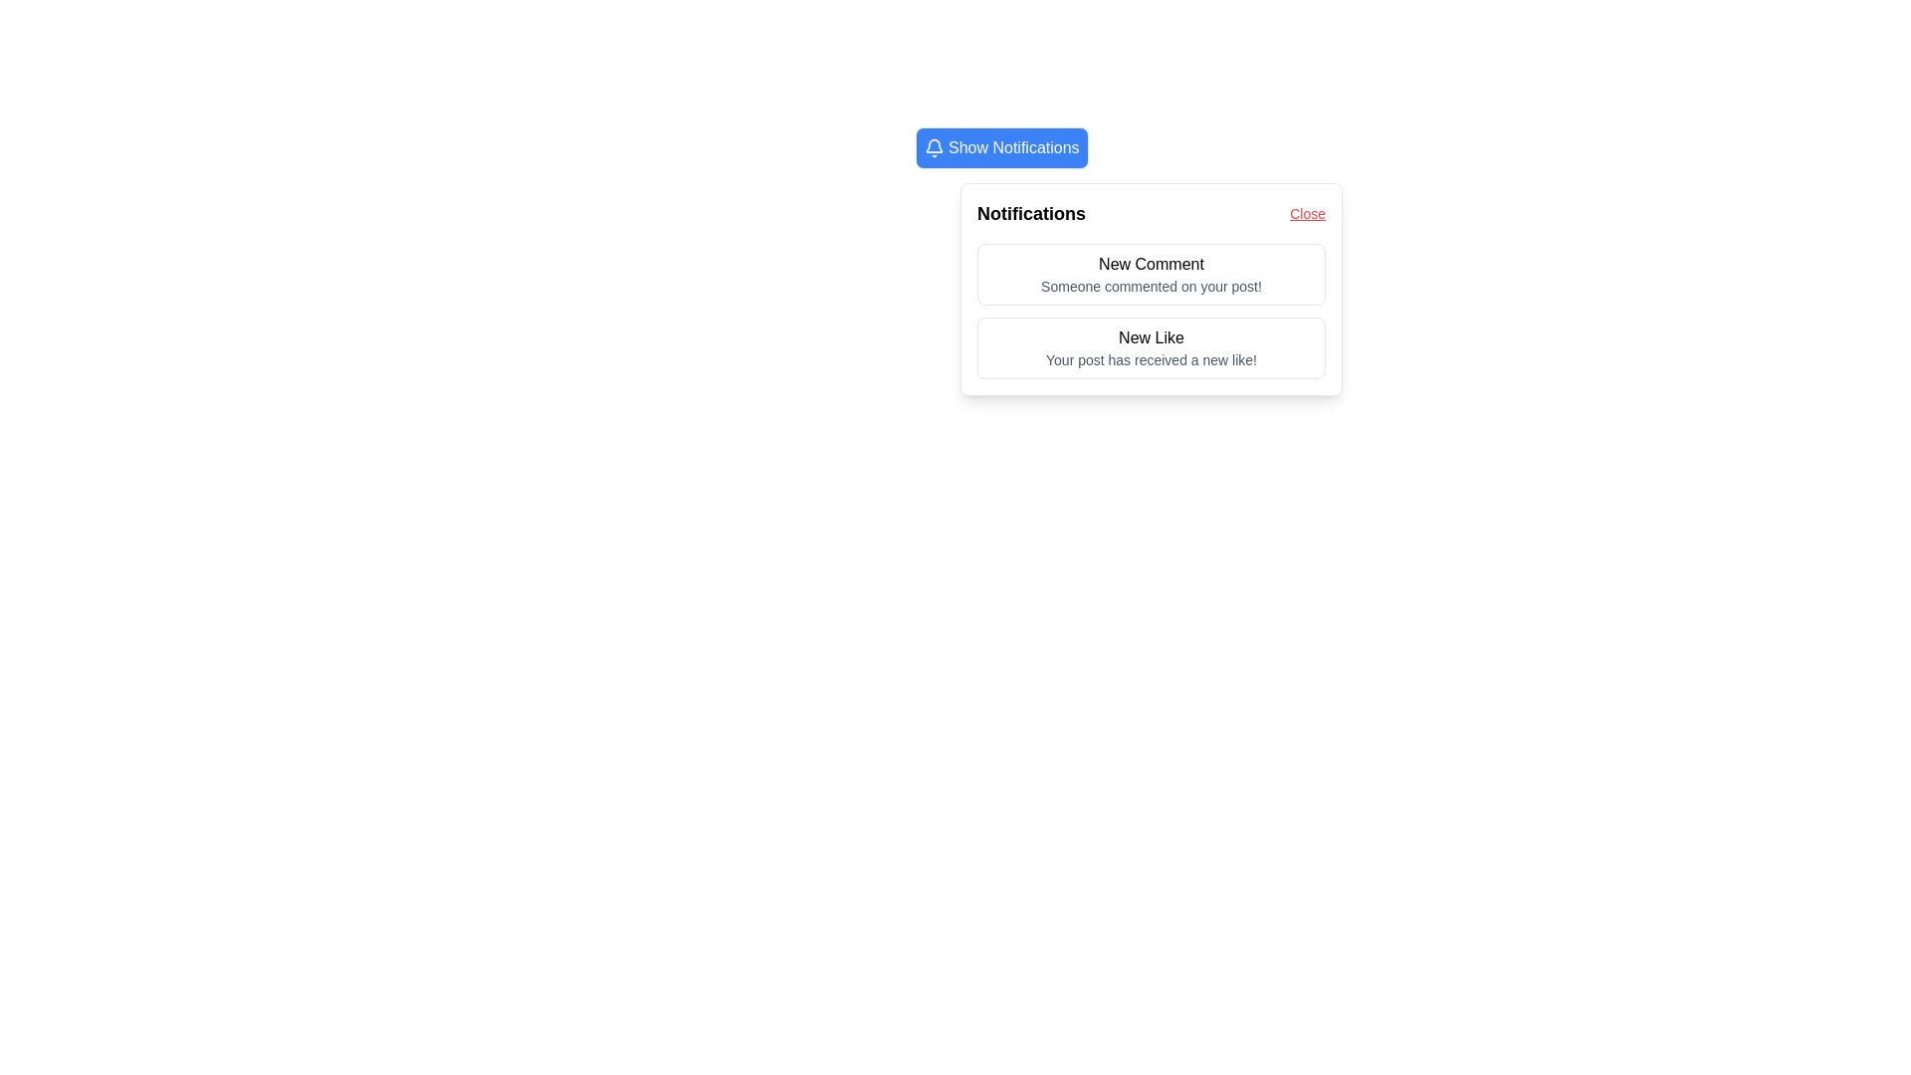  Describe the element at coordinates (1151, 336) in the screenshot. I see `the 'New Like' text label, which is bold, medium-sized, black text centered in the notification card, located below the 'New Comment' notification` at that location.